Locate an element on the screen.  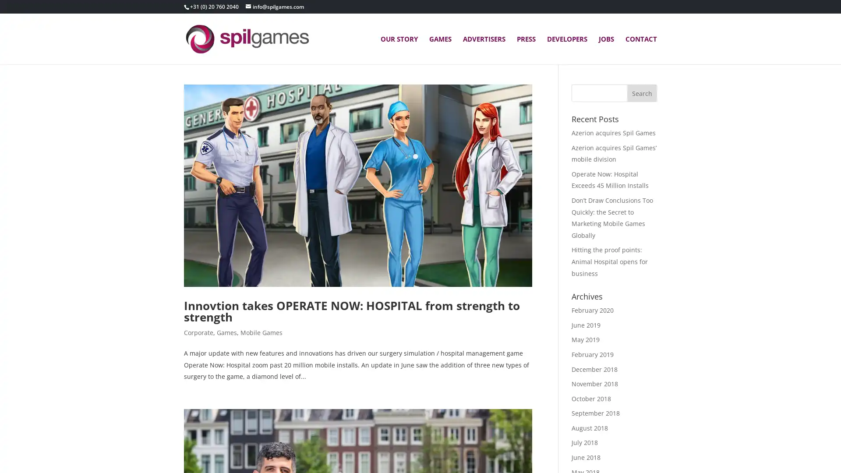
Search is located at coordinates (642, 93).